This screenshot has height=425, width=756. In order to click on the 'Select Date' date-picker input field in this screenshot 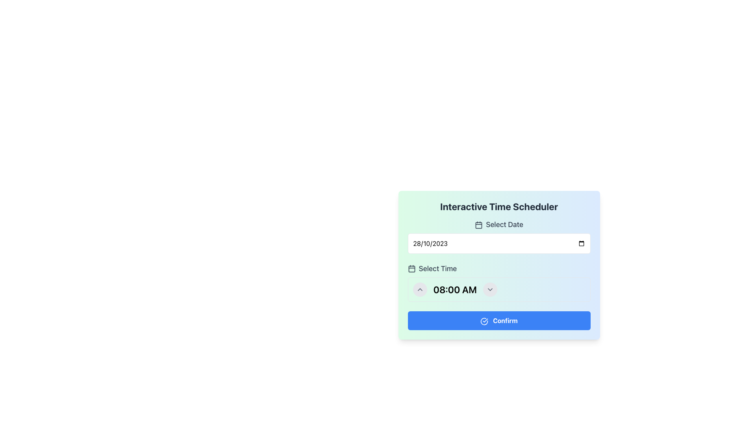, I will do `click(498, 236)`.